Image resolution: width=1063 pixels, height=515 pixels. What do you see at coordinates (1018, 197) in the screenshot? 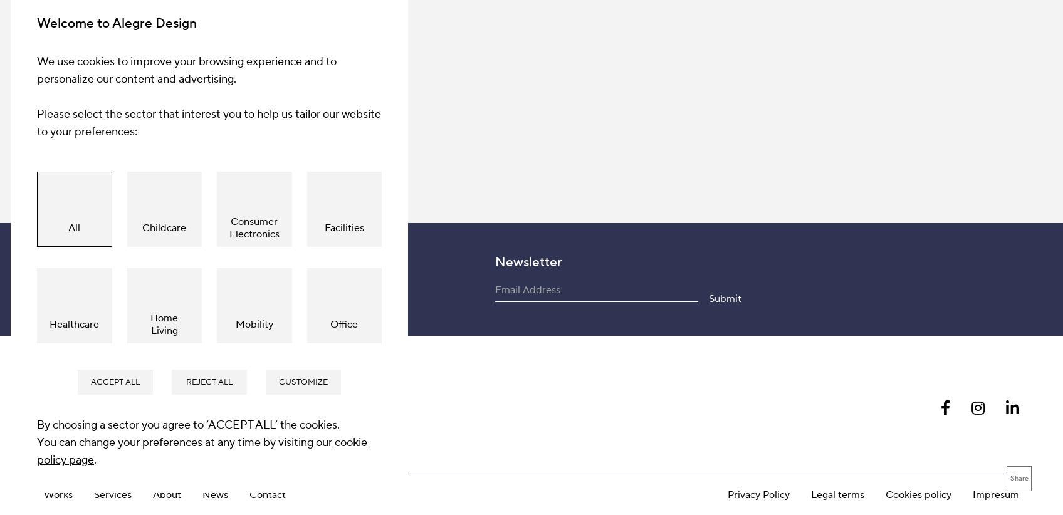
I see `'Share'` at bounding box center [1018, 197].